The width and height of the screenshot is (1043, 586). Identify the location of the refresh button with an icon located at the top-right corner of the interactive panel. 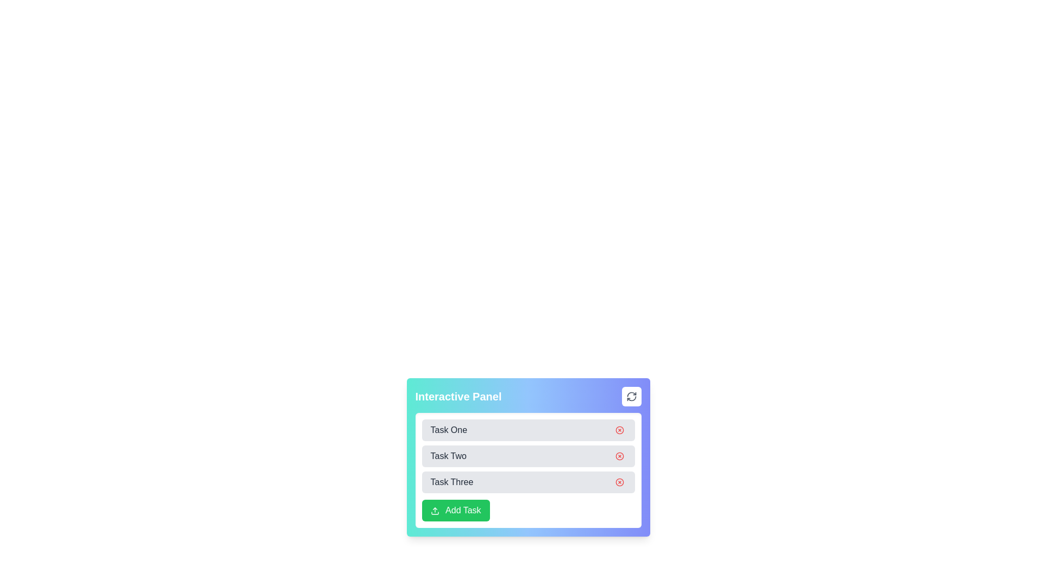
(631, 397).